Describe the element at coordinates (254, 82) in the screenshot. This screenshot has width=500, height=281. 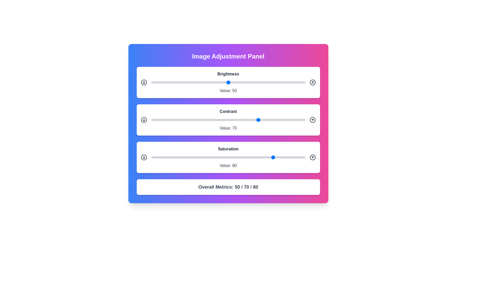
I see `brightness` at that location.